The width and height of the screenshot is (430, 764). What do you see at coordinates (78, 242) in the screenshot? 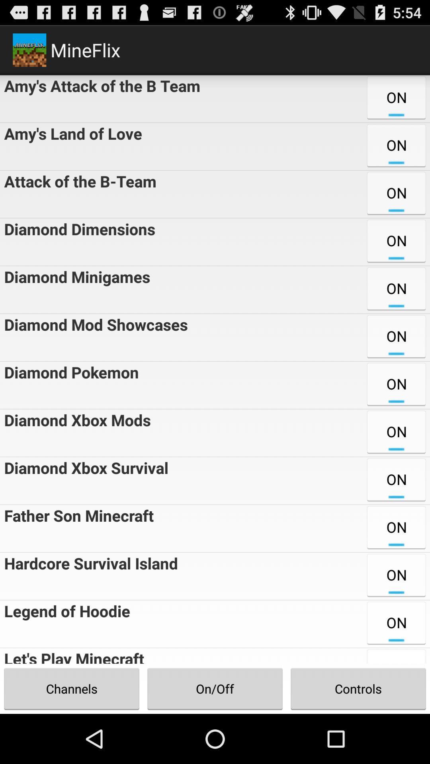
I see `item to the left of on` at bounding box center [78, 242].